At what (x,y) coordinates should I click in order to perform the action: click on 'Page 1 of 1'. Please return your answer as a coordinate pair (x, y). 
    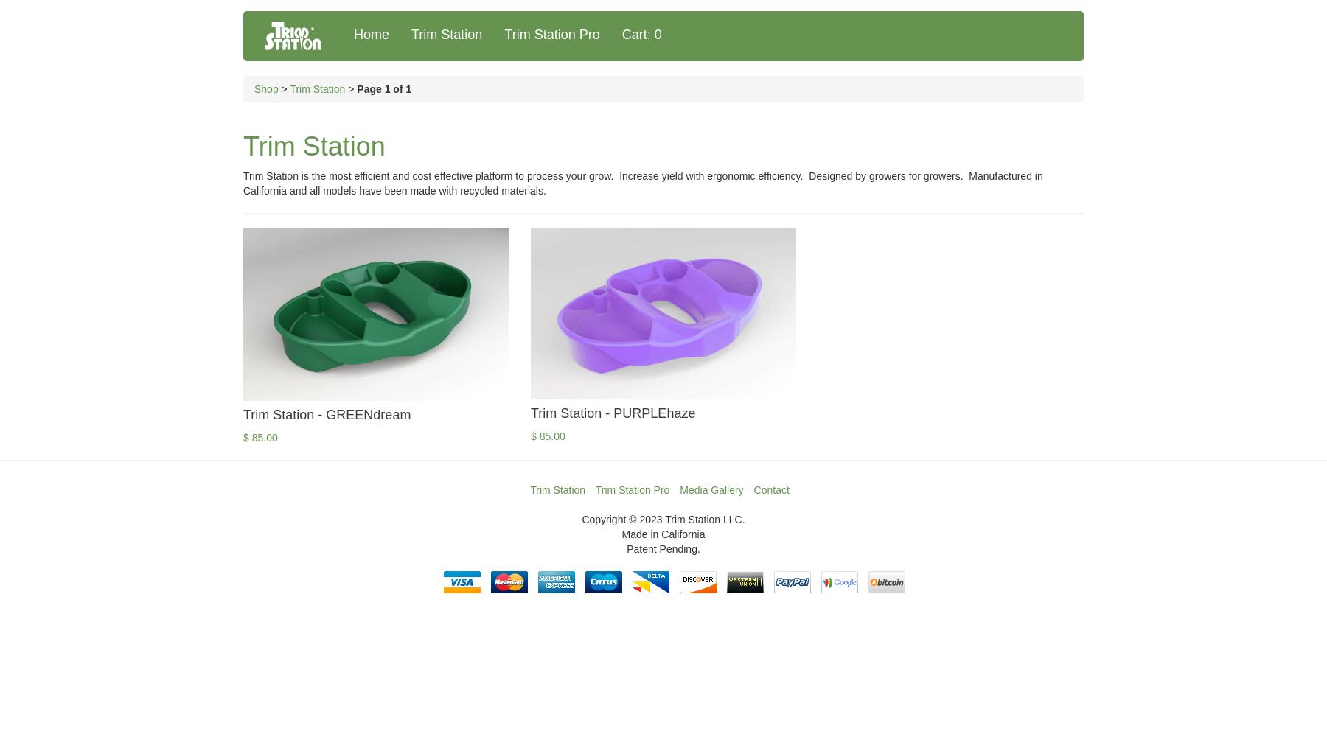
    Looking at the image, I should click on (383, 88).